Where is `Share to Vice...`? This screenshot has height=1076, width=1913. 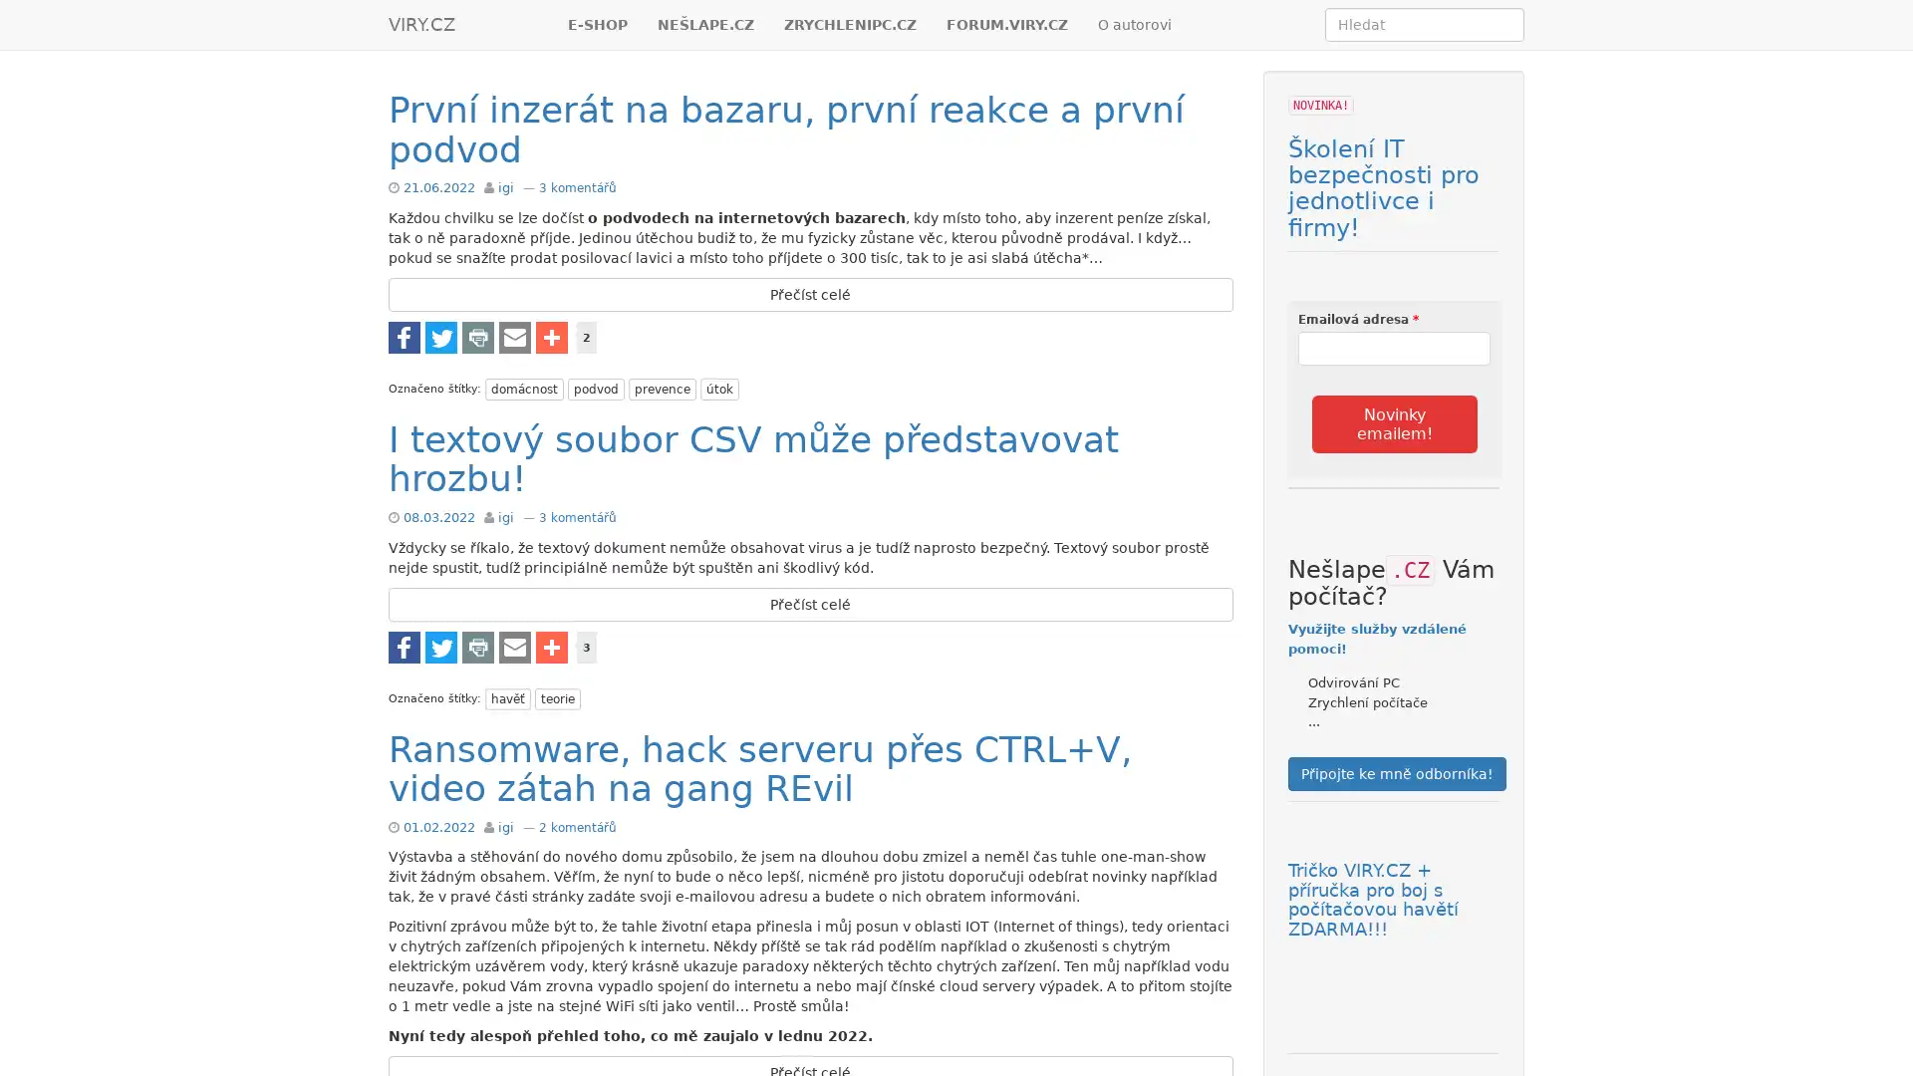
Share to Vice... is located at coordinates (551, 336).